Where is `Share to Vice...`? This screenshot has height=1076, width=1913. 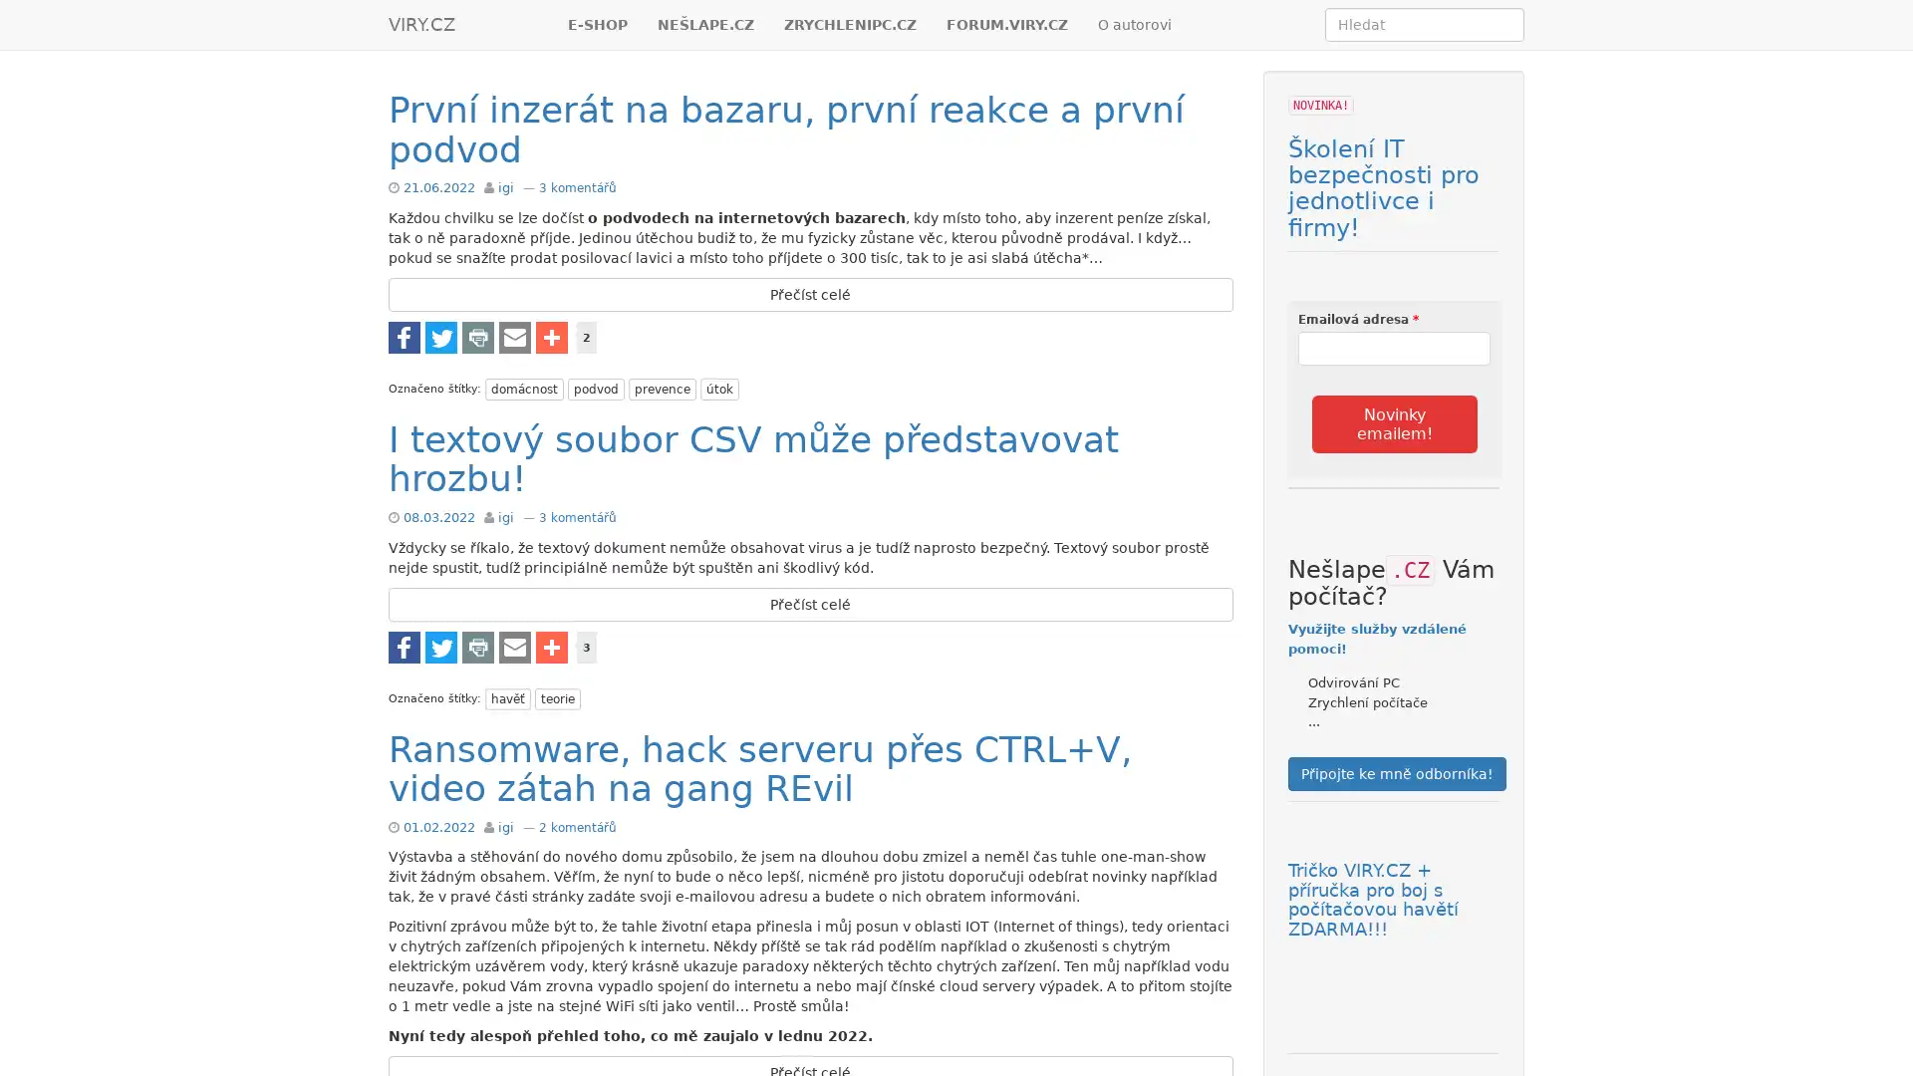
Share to Vice... is located at coordinates (551, 336).